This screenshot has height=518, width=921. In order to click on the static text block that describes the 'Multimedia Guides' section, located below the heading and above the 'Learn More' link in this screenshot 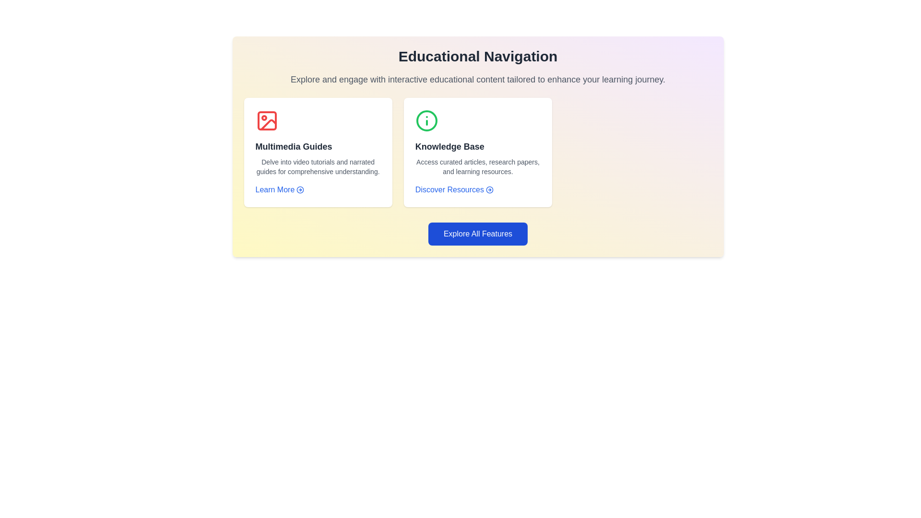, I will do `click(318, 166)`.